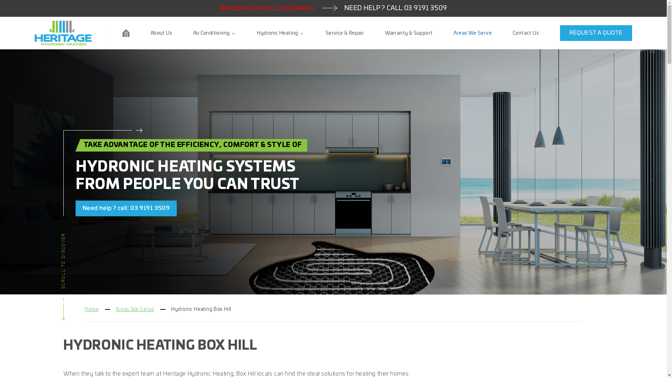  Describe the element at coordinates (596, 33) in the screenshot. I see `'REQUEST A QUOTE'` at that location.